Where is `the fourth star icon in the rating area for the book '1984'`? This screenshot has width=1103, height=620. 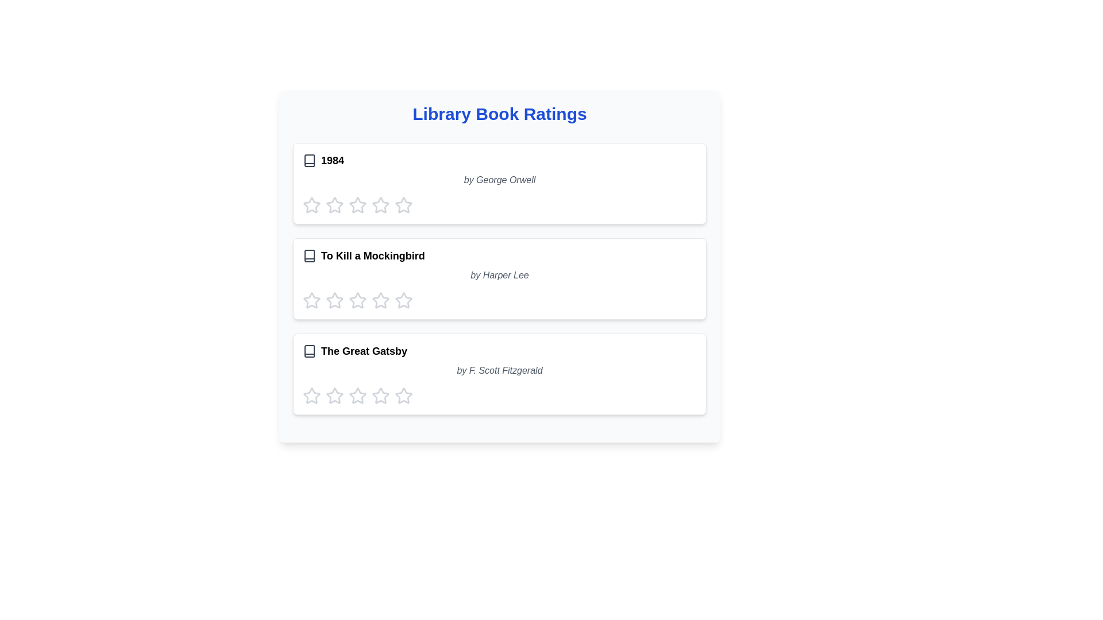
the fourth star icon in the rating area for the book '1984' is located at coordinates (403, 205).